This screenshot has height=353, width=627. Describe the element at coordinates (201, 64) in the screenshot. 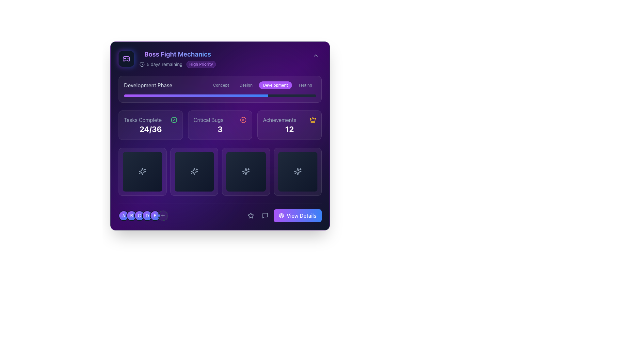

I see `text from the Badge element that displays 'High Priority', located between '5 days remaining' and 'Boss Fight Mechanics'` at that location.